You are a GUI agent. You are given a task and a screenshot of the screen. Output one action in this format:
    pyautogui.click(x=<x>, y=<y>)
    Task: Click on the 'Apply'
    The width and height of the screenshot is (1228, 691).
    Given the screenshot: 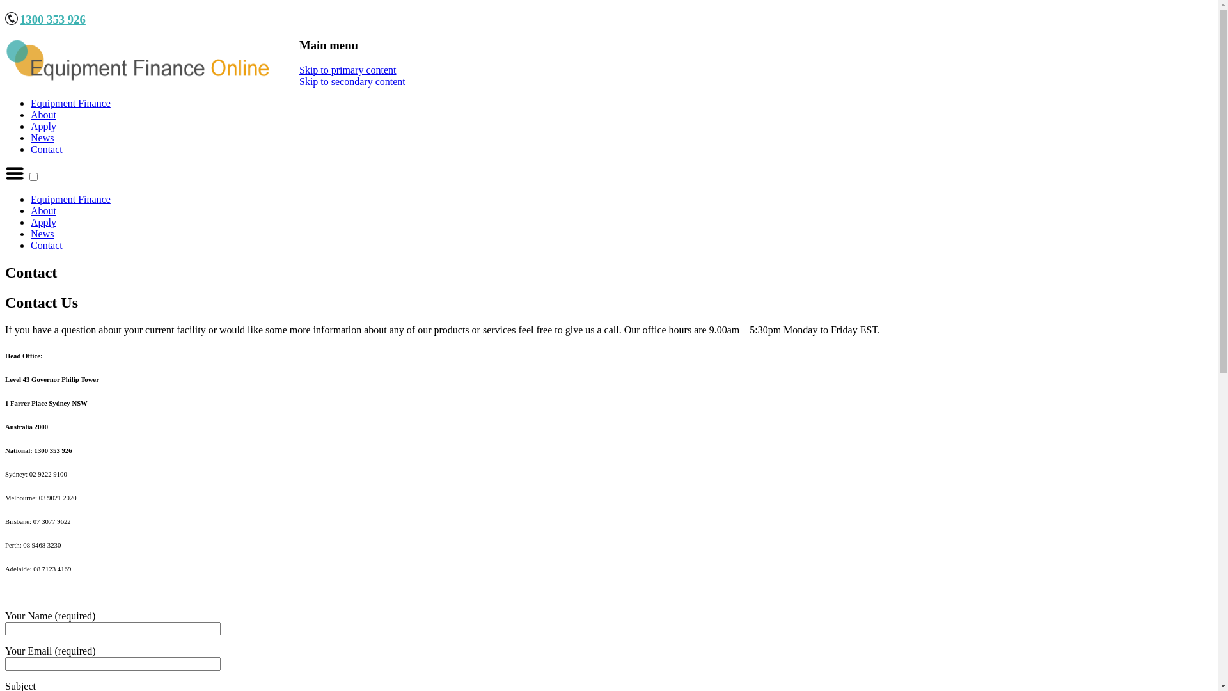 What is the action you would take?
    pyautogui.click(x=43, y=221)
    